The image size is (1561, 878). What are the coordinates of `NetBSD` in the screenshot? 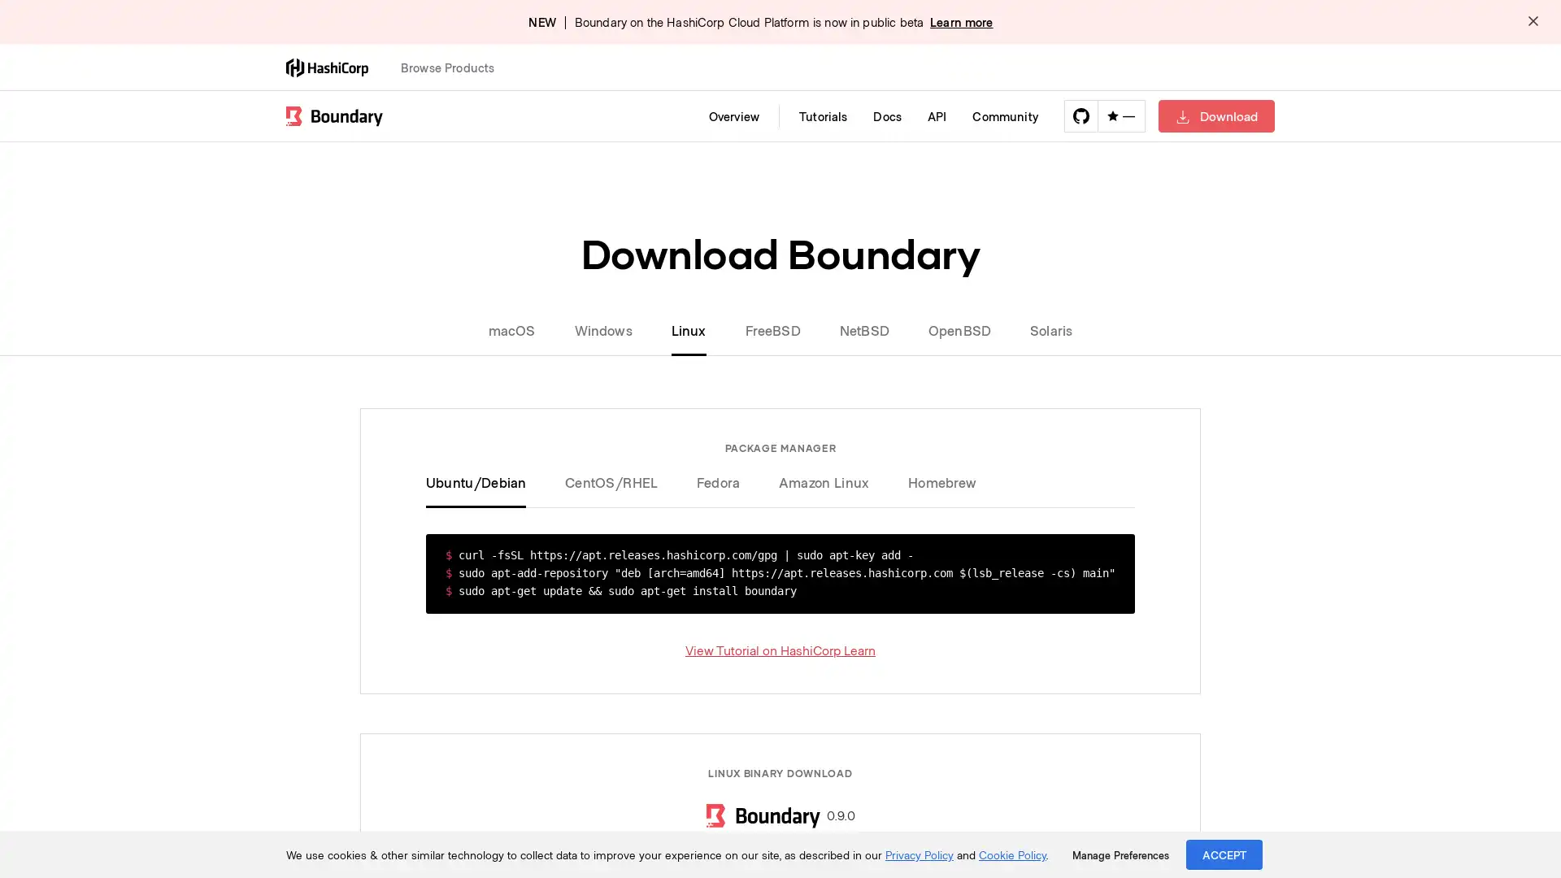 It's located at (863, 329).